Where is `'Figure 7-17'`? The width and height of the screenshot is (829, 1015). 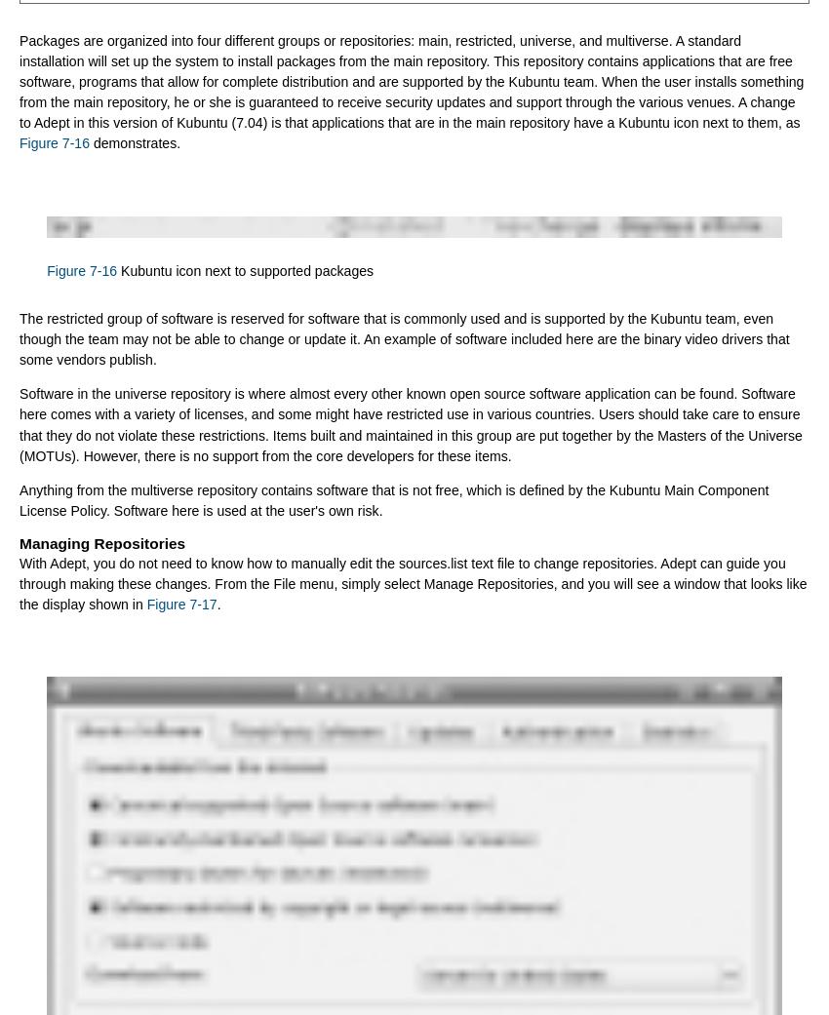
'Figure 7-17' is located at coordinates (179, 603).